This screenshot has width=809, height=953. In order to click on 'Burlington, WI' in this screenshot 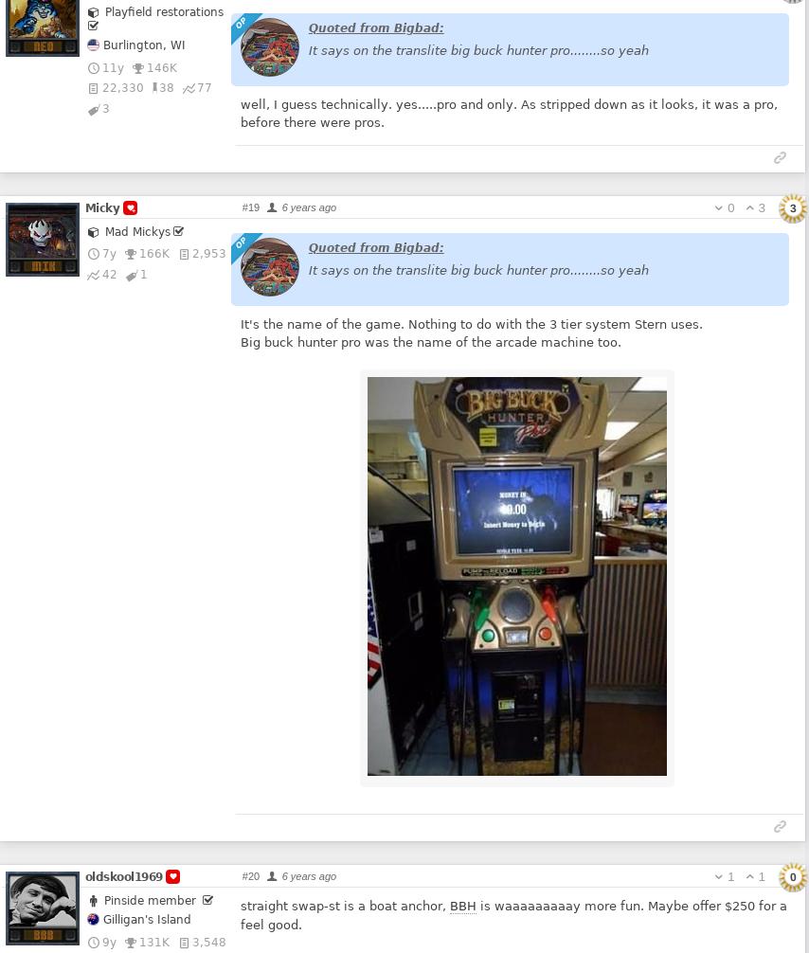, I will do `click(99, 44)`.